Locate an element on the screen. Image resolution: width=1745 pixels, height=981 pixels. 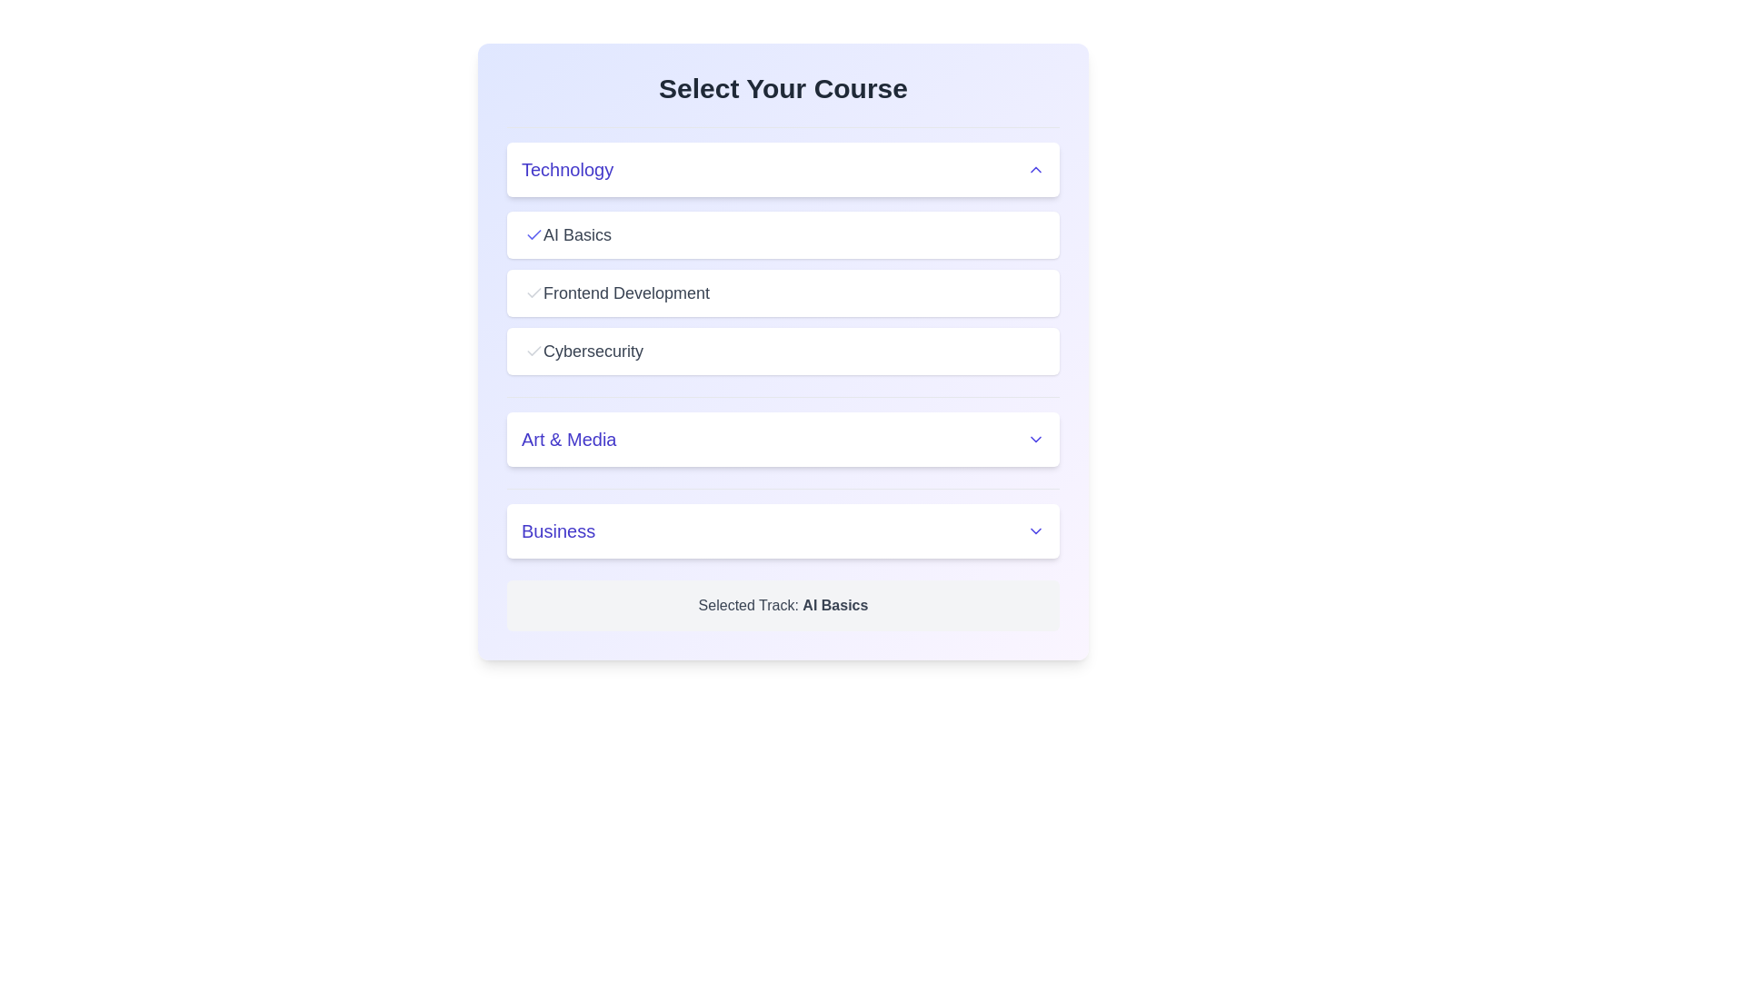
on the highlighted option 'Frontend Development' within the grouped list of selectable items under the 'Technology' category is located at coordinates (783, 292).